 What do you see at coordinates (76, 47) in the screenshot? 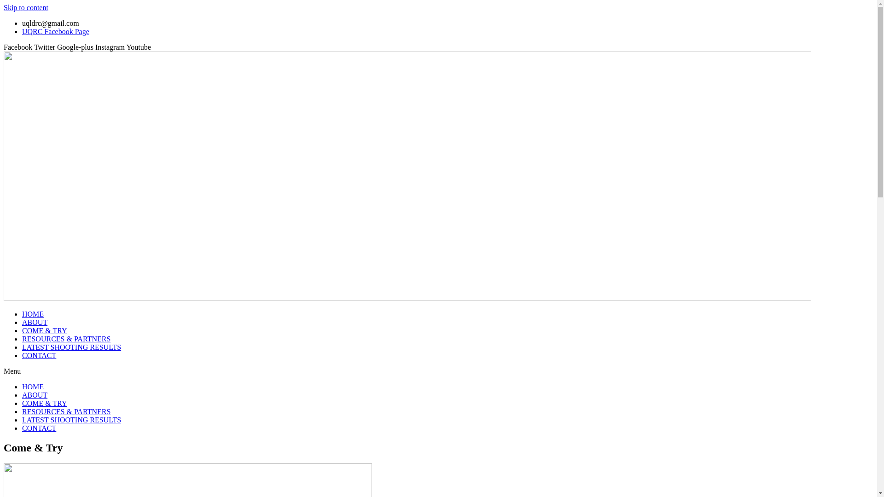
I see `'Google-plus'` at bounding box center [76, 47].